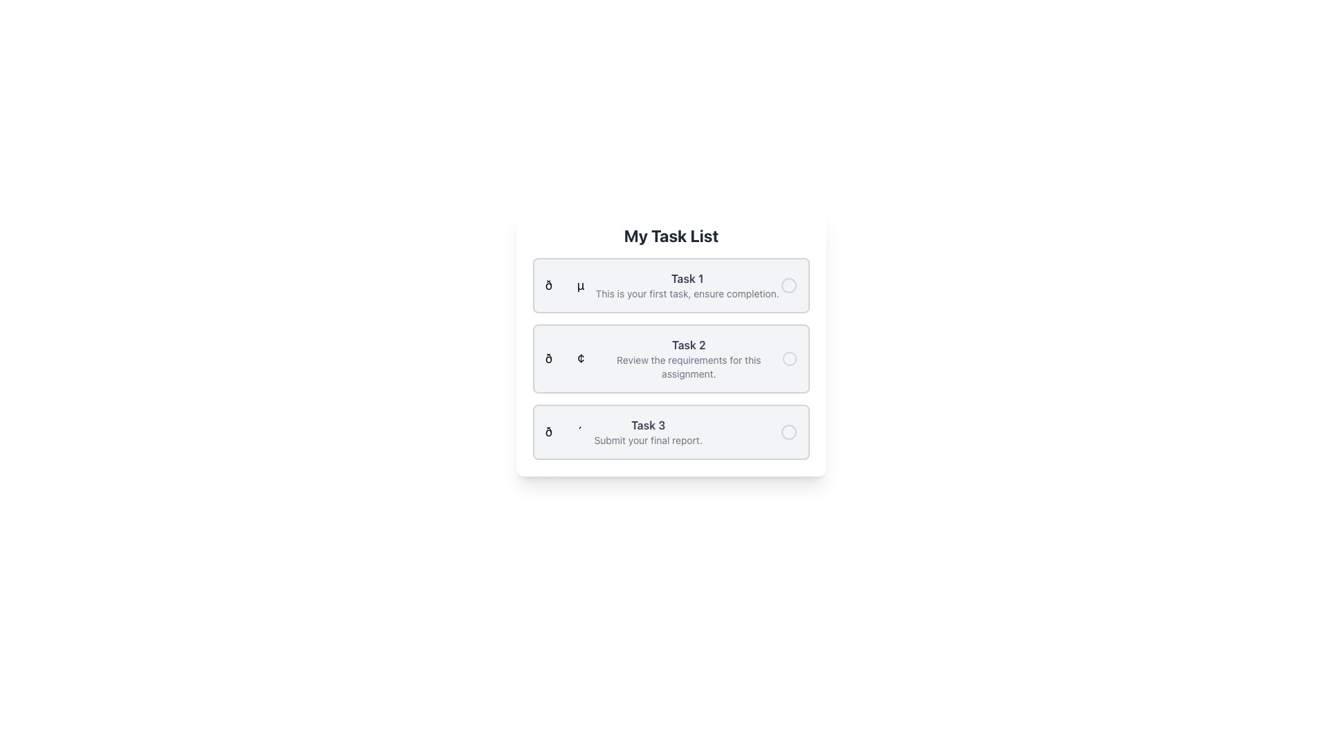 This screenshot has width=1329, height=747. Describe the element at coordinates (647, 431) in the screenshot. I see `the Text element that displays information about 'Task 3', located in the third interactive card of a vertical list of tasks` at that location.